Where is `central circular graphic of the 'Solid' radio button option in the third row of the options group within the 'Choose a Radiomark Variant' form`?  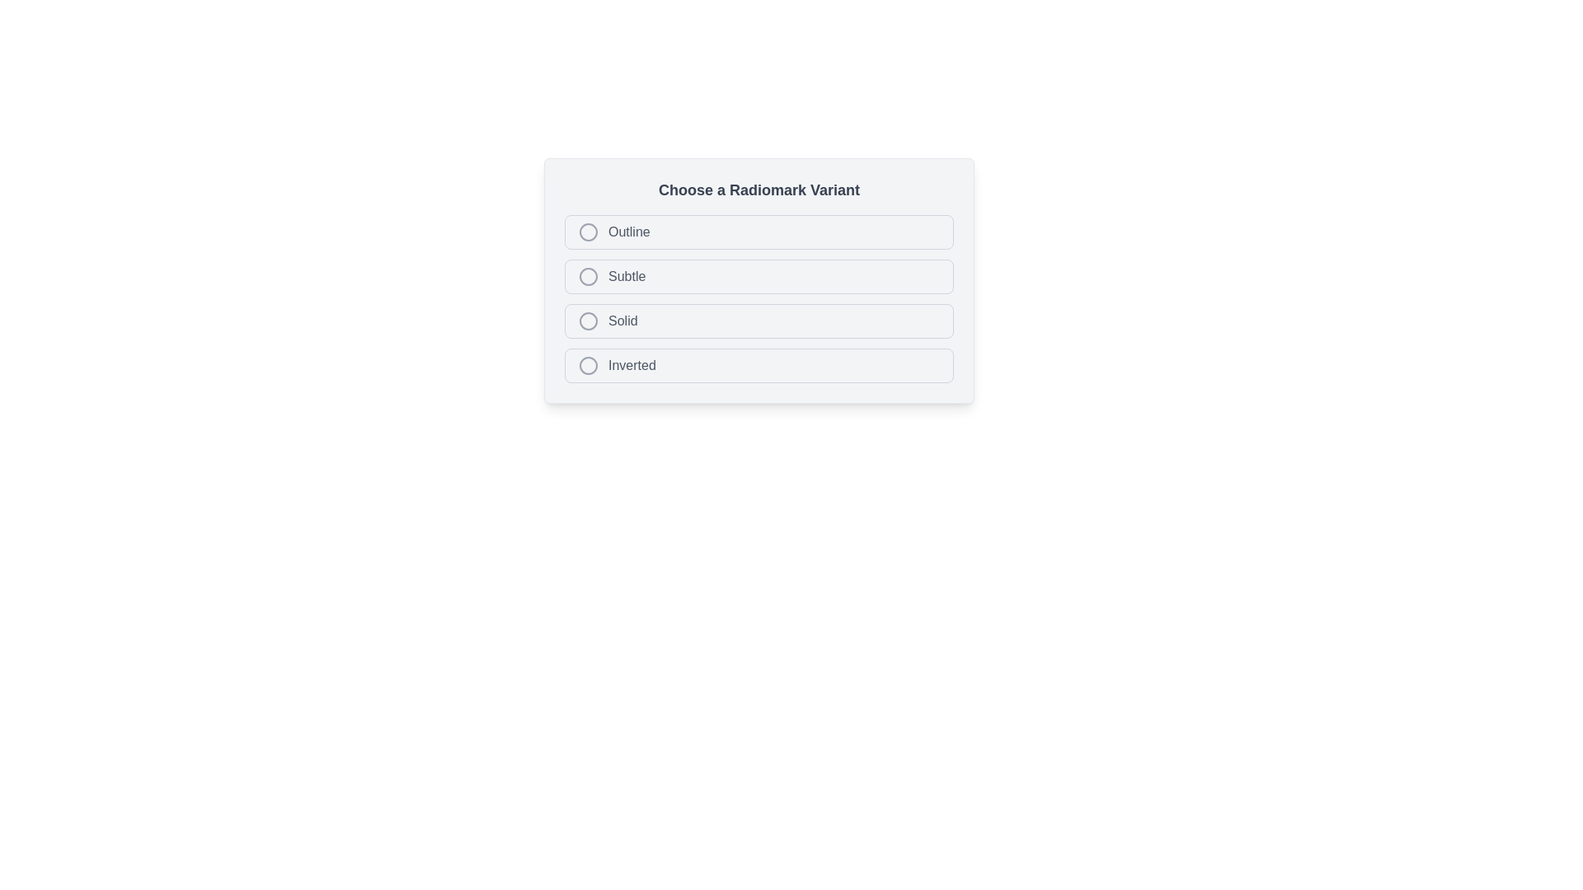
central circular graphic of the 'Solid' radio button option in the third row of the options group within the 'Choose a Radiomark Variant' form is located at coordinates (589, 321).